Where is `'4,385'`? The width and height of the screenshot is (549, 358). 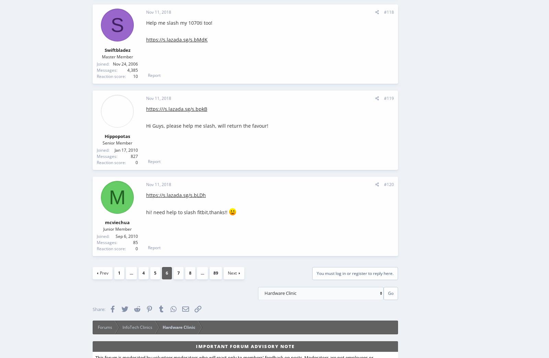 '4,385' is located at coordinates (132, 69).